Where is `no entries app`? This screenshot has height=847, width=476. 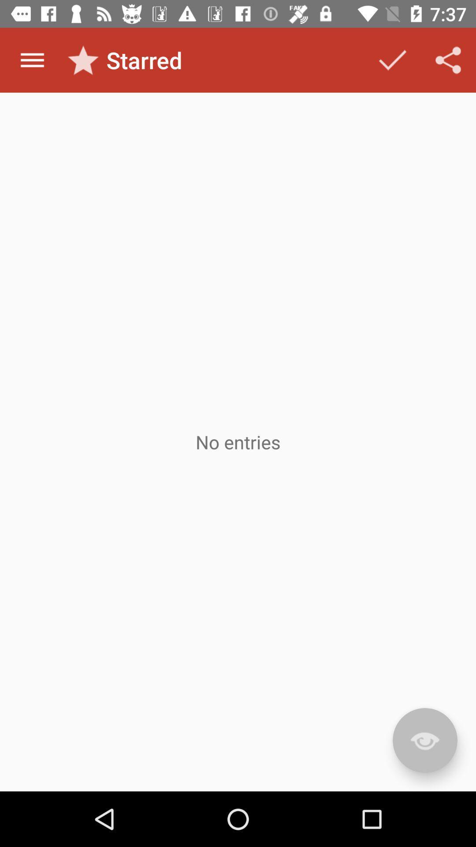 no entries app is located at coordinates (238, 442).